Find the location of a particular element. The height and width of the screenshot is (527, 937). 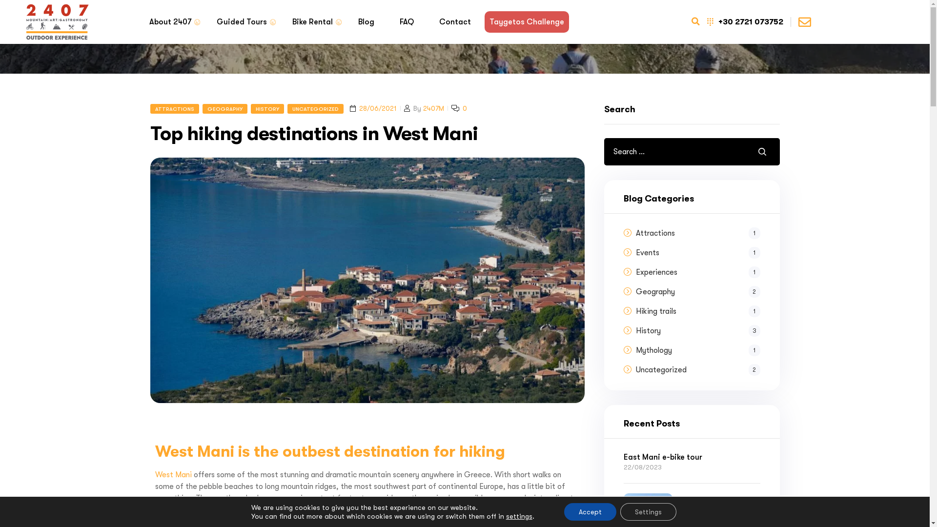

'West Mani' is located at coordinates (173, 474).